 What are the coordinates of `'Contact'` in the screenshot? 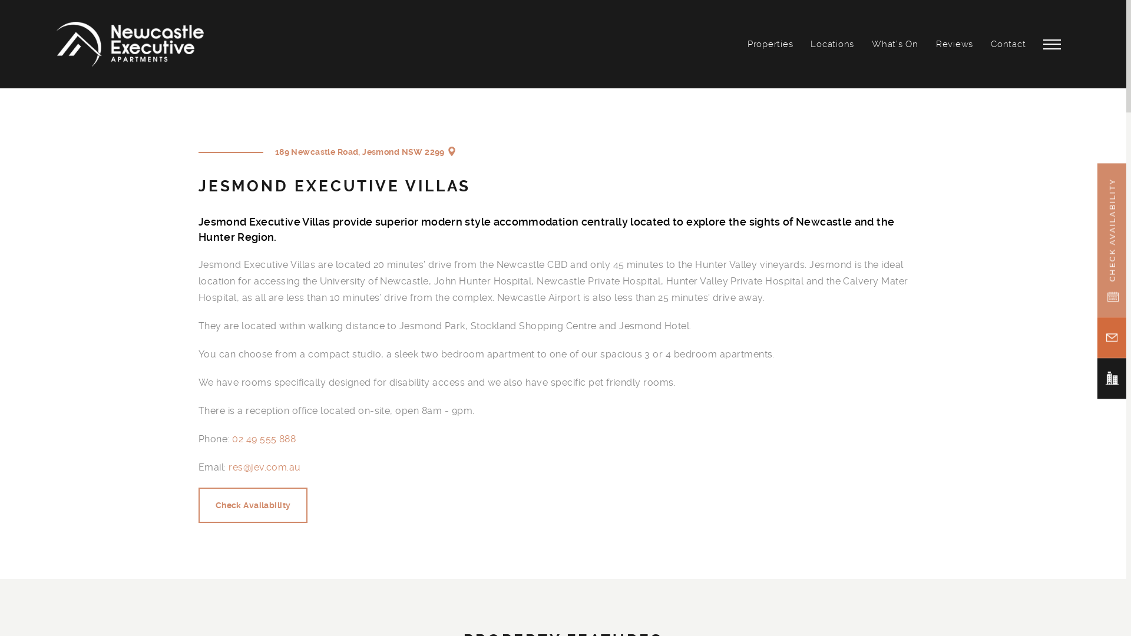 It's located at (1007, 43).